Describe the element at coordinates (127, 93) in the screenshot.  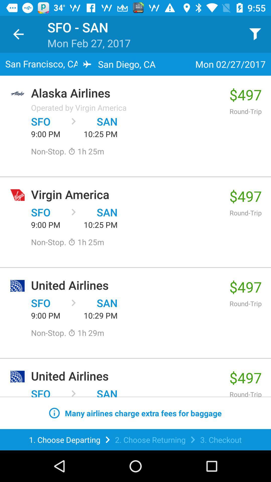
I see `the item to the left of $497 item` at that location.